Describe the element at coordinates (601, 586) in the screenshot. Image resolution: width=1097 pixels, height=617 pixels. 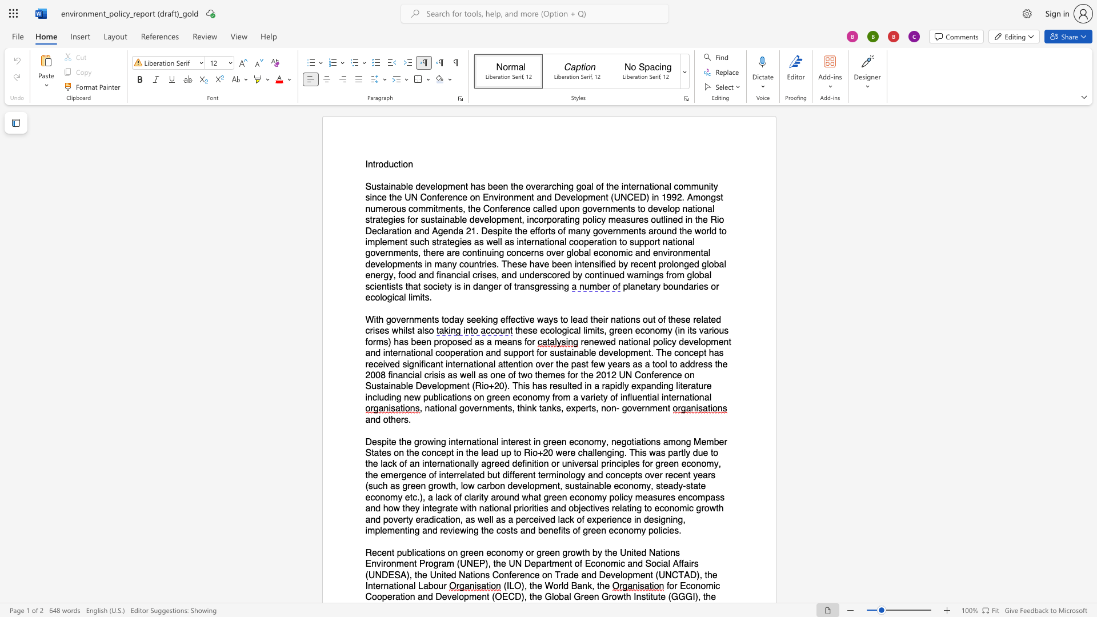
I see `the 2th character "h" in the text` at that location.